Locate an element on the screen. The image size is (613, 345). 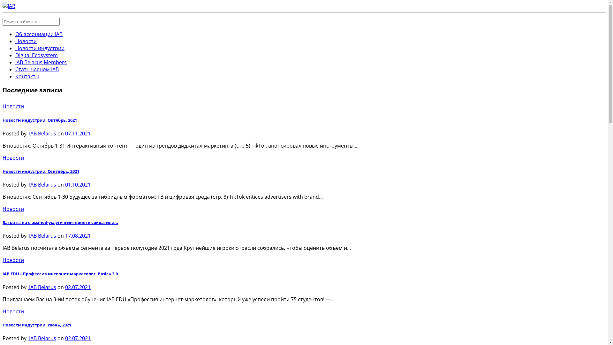
'02.07.2021' is located at coordinates (78, 287).